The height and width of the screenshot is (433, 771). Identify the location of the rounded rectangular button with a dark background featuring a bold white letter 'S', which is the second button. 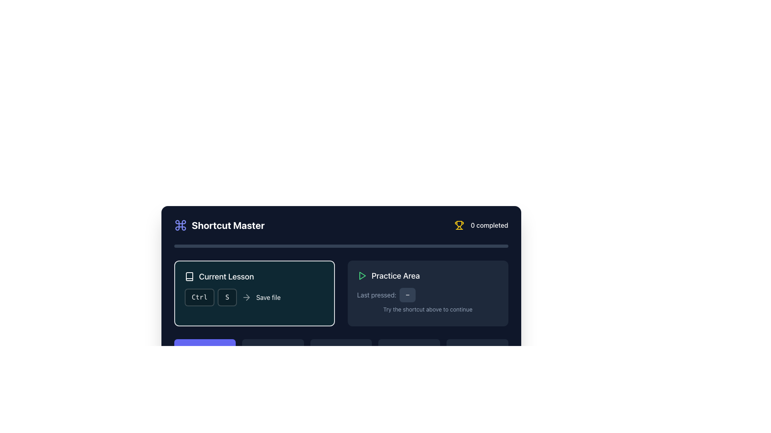
(227, 297).